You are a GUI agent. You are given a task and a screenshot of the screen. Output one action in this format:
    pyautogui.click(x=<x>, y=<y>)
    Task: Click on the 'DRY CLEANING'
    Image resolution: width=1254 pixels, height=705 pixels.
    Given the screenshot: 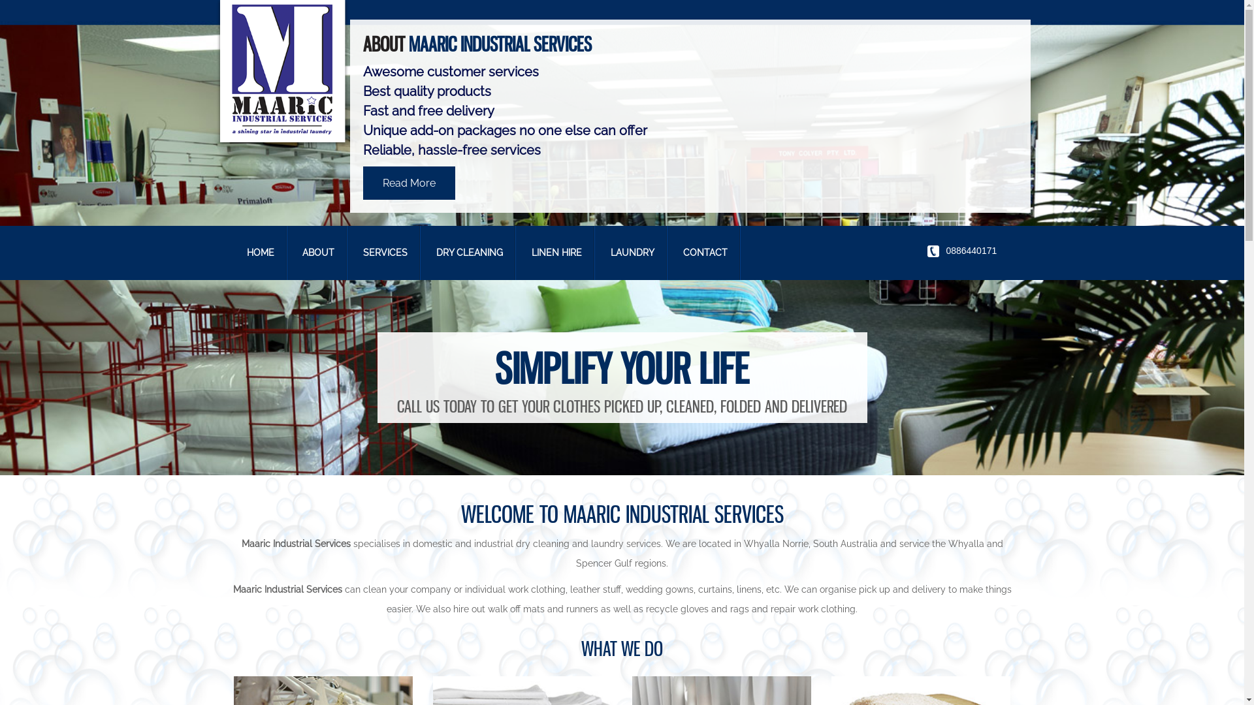 What is the action you would take?
    pyautogui.click(x=470, y=253)
    